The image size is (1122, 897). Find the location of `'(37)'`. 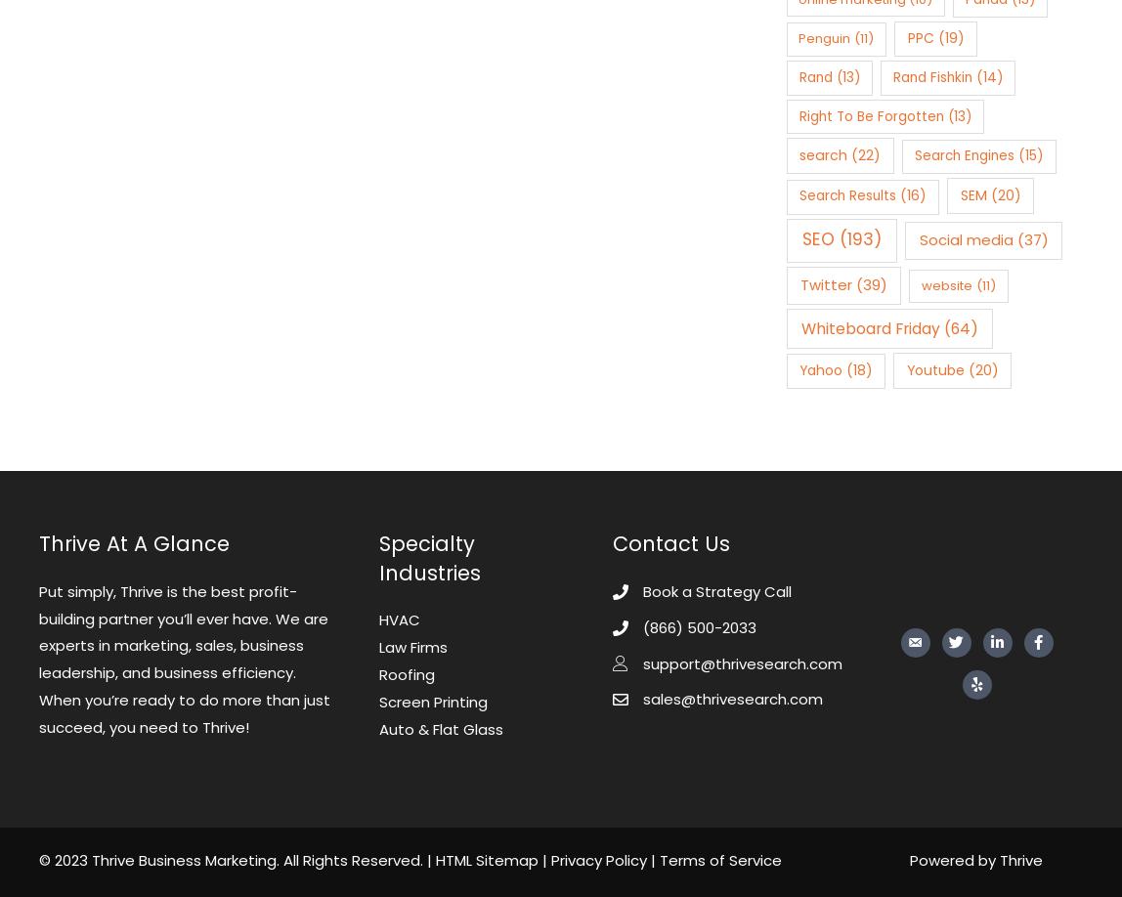

'(37)' is located at coordinates (1029, 238).